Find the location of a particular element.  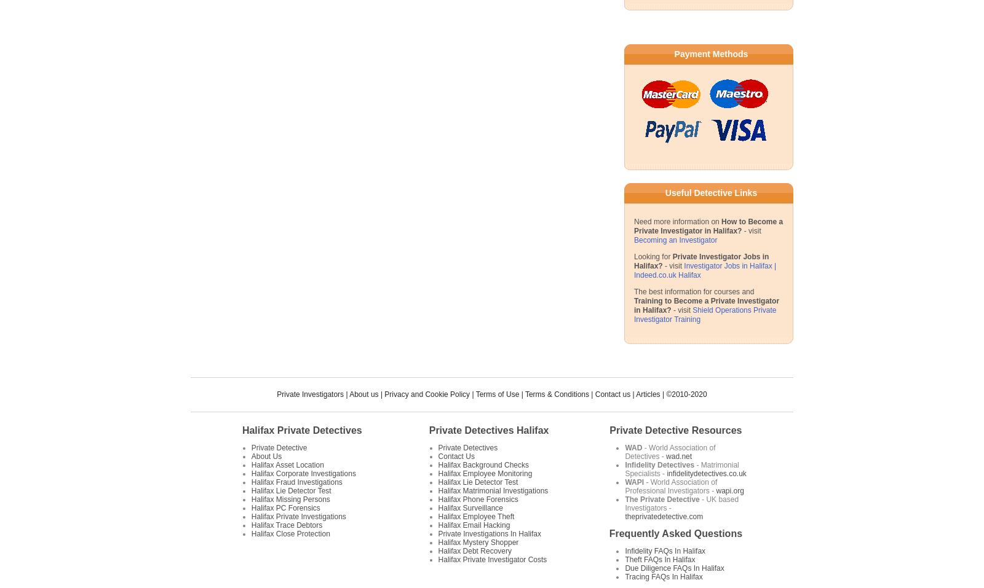

'Due Diligence FAQs In Halifax' is located at coordinates (674, 568).